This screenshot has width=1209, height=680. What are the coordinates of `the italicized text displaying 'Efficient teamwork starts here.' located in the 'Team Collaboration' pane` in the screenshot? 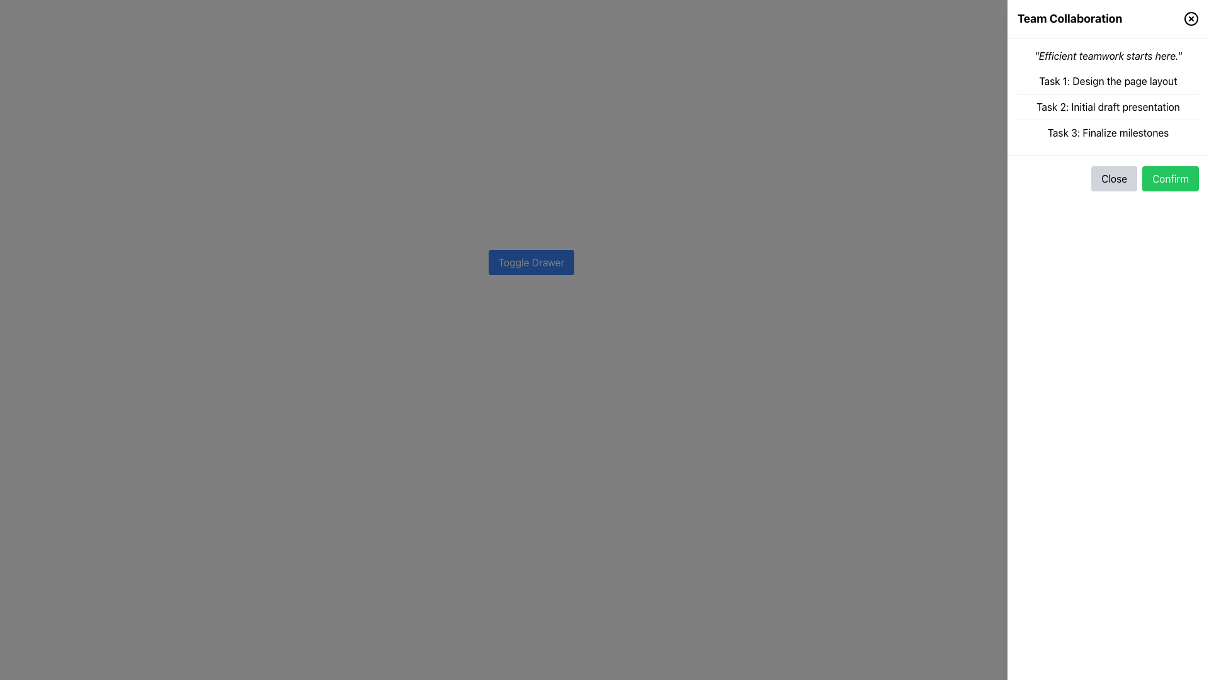 It's located at (1108, 55).